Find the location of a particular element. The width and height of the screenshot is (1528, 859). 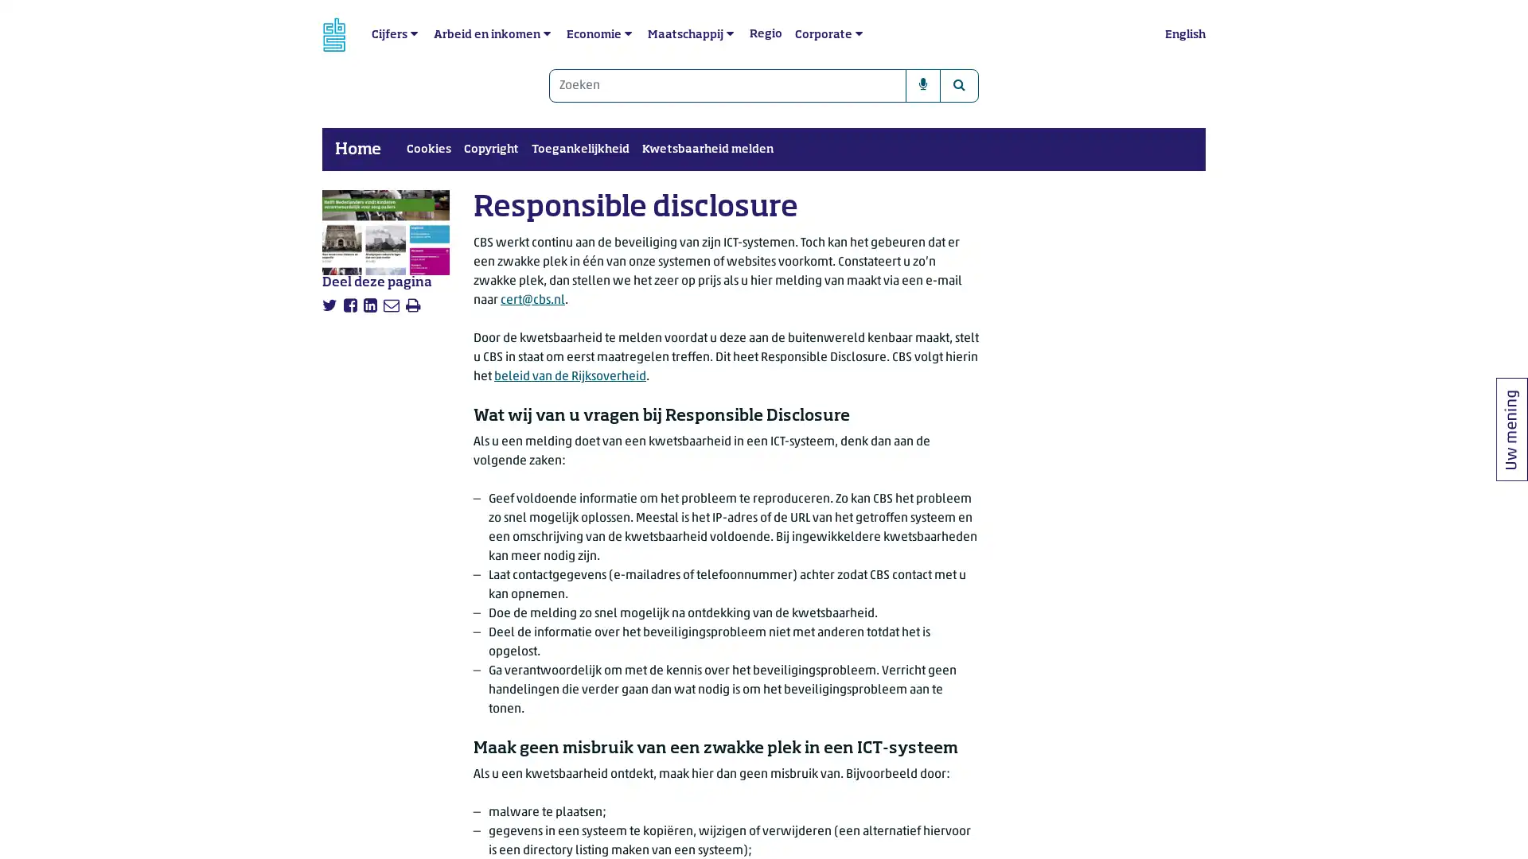

submenu Arbeid en inkomen is located at coordinates (547, 33).